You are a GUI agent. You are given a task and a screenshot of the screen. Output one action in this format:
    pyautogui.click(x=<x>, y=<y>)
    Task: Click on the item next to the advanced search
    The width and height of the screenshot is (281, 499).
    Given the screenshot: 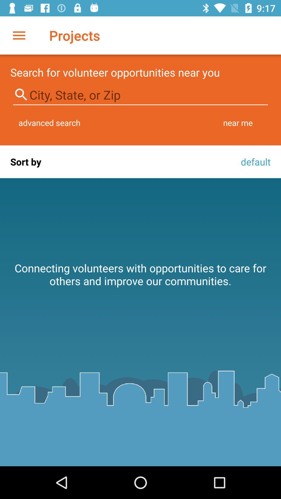 What is the action you would take?
    pyautogui.click(x=238, y=122)
    